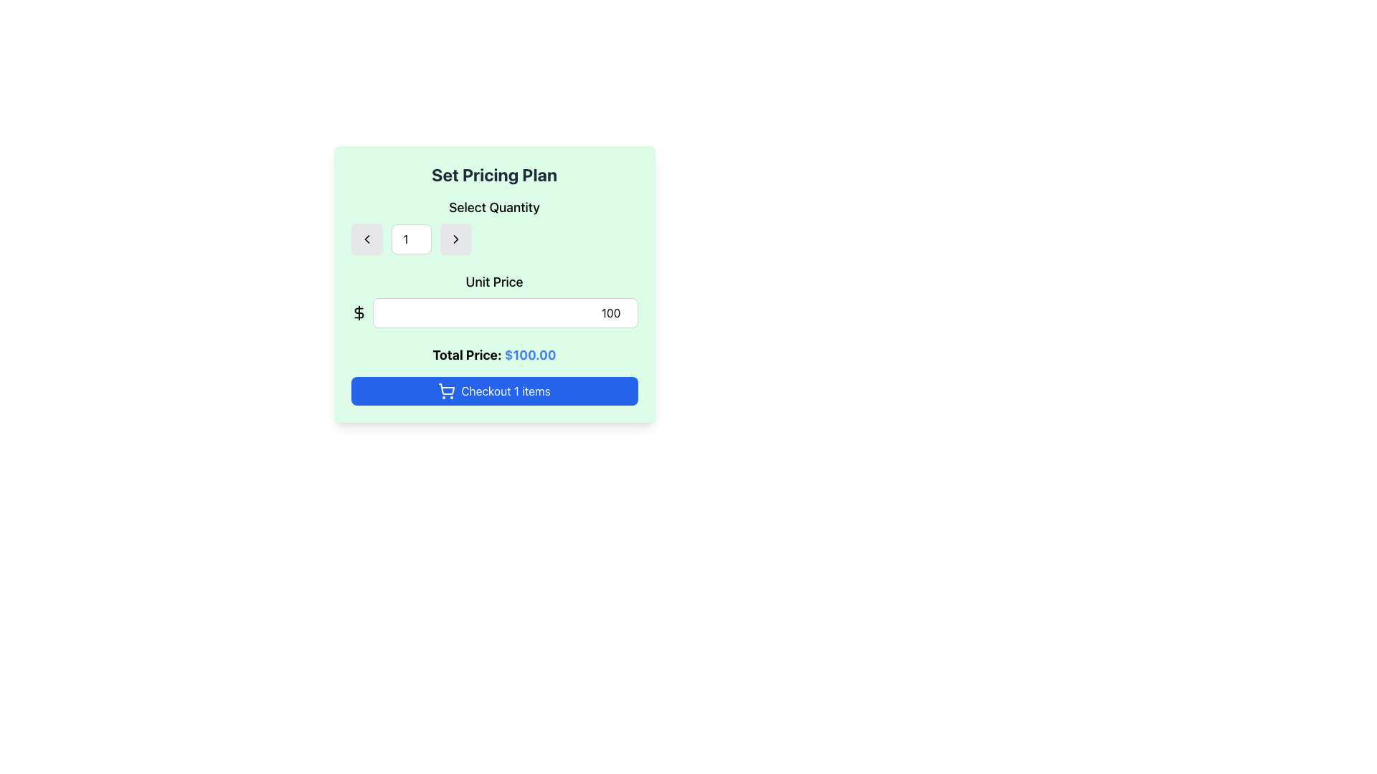  What do you see at coordinates (529, 355) in the screenshot?
I see `the static text label displaying '$100.00' in blue color, which is part of the 'Total Price:' section in the 'Set Pricing Plan' dialog box` at bounding box center [529, 355].